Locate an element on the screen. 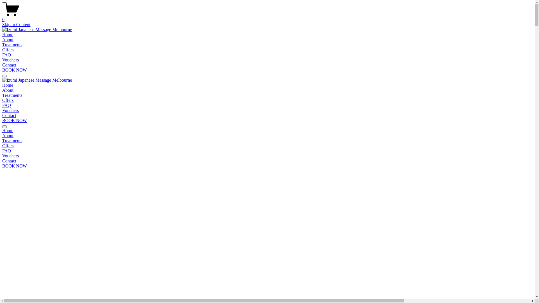 Image resolution: width=539 pixels, height=303 pixels. 'Treatments' is located at coordinates (12, 95).